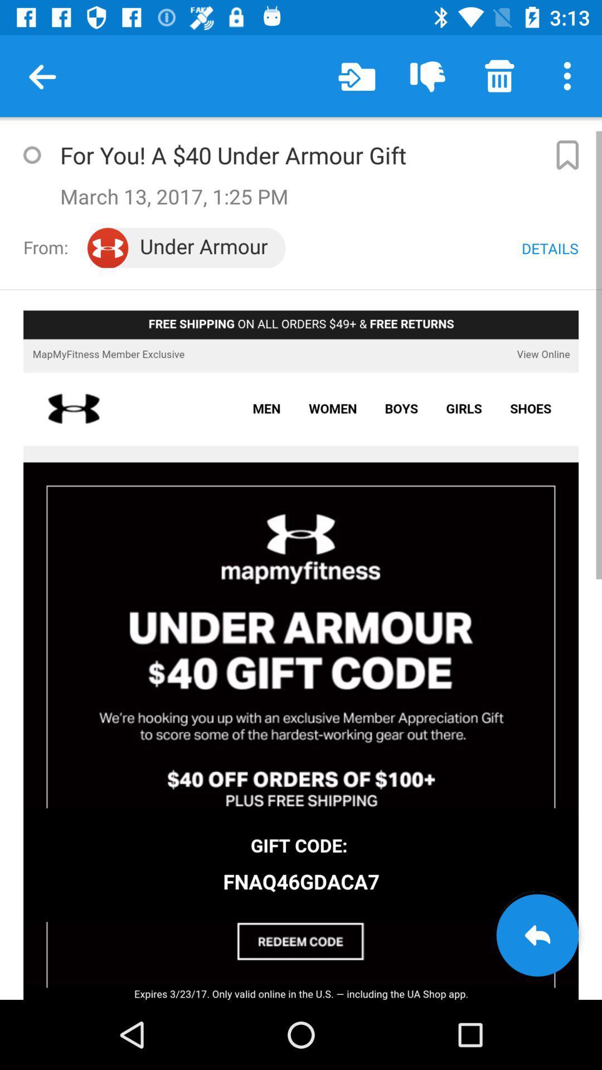  Describe the element at coordinates (537, 935) in the screenshot. I see `go back` at that location.